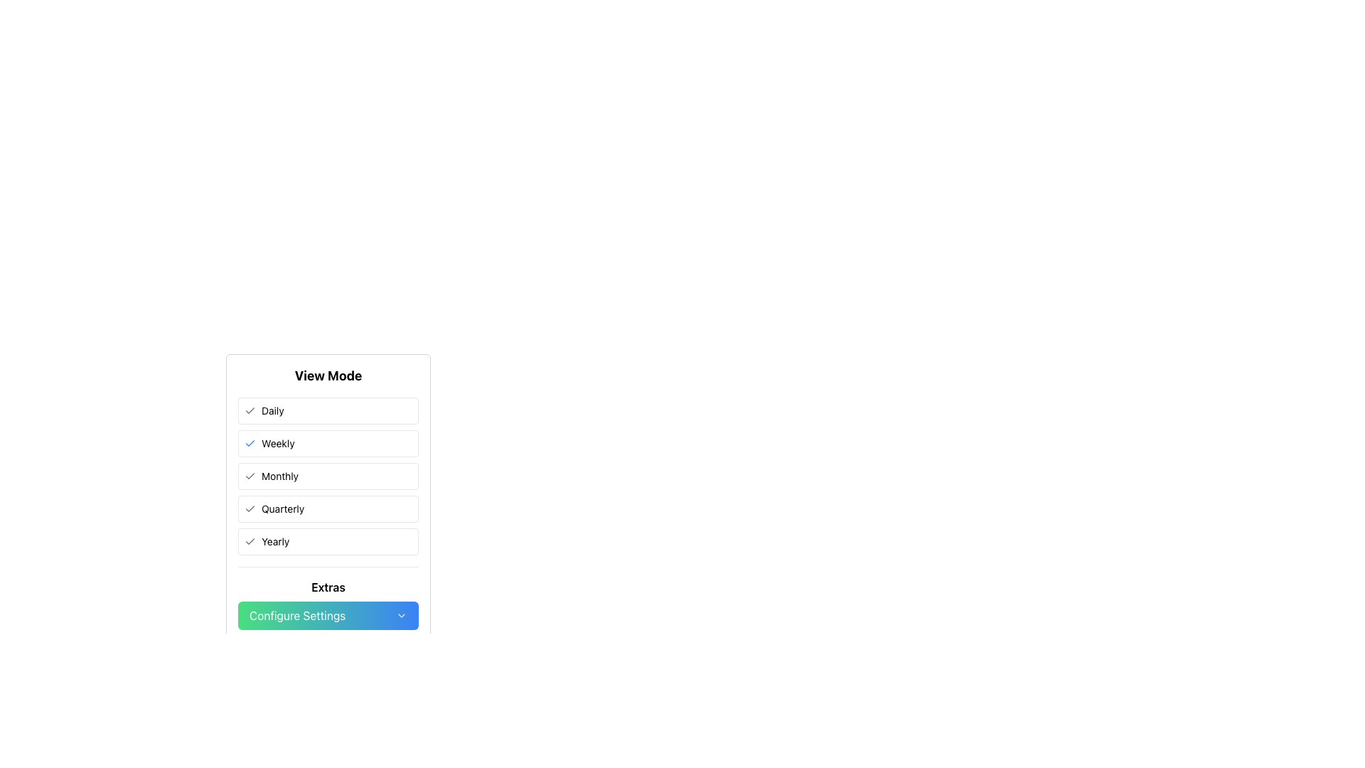 This screenshot has width=1365, height=768. I want to click on the chevron icon indicating the presence of an expandable menu associated with the 'Configure Settings' button, so click(401, 615).